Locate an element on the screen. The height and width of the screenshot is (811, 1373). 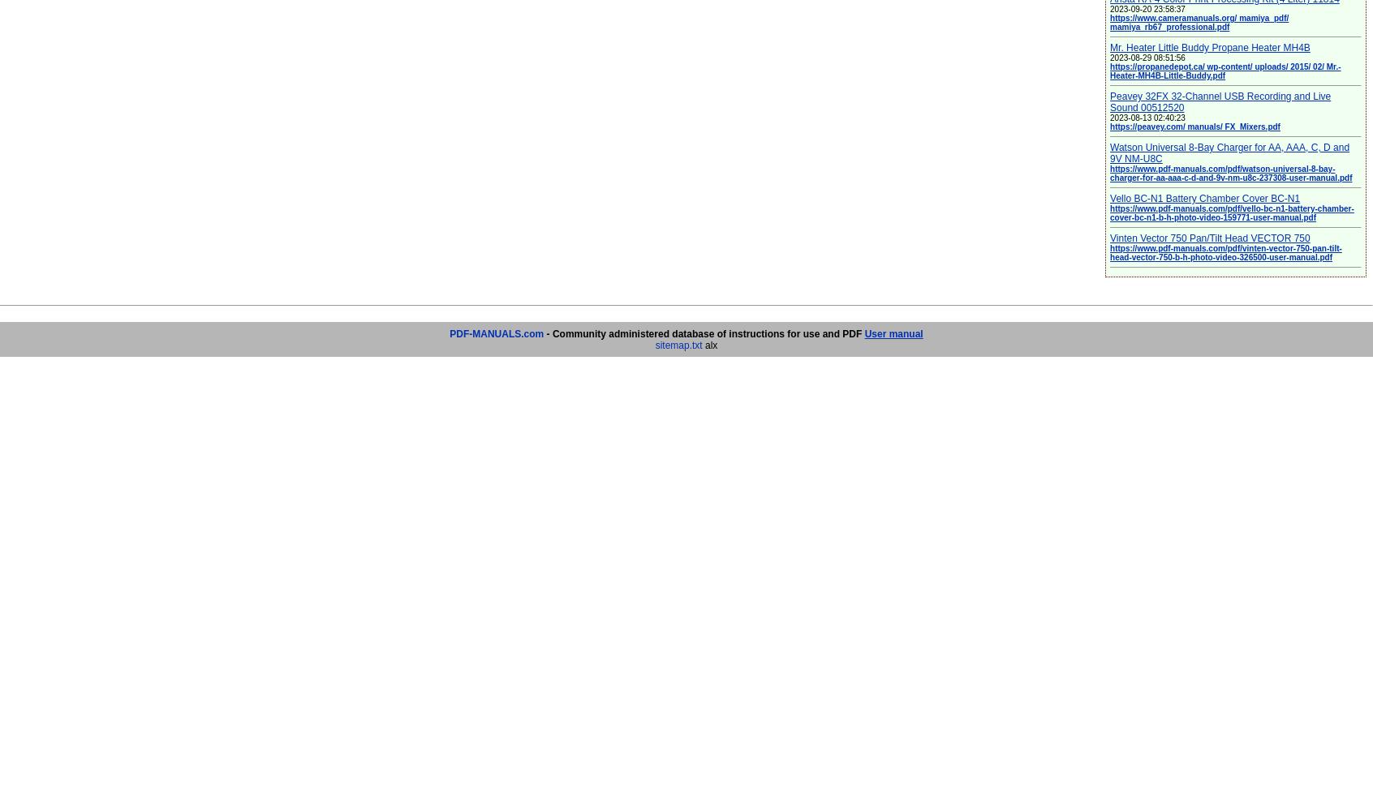
'https://www.pdf-manuals.com/pdf/vinten-vector-750-pan-tilt-head-vector-750-b-h-photo-video-326500-user-manual.pdf' is located at coordinates (1109, 253).